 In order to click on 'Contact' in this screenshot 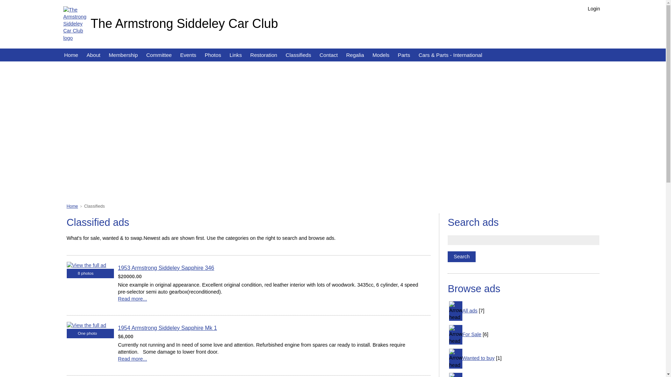, I will do `click(328, 55)`.